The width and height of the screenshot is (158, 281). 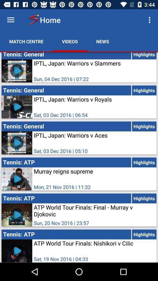 I want to click on the icon above the match centre, so click(x=11, y=20).